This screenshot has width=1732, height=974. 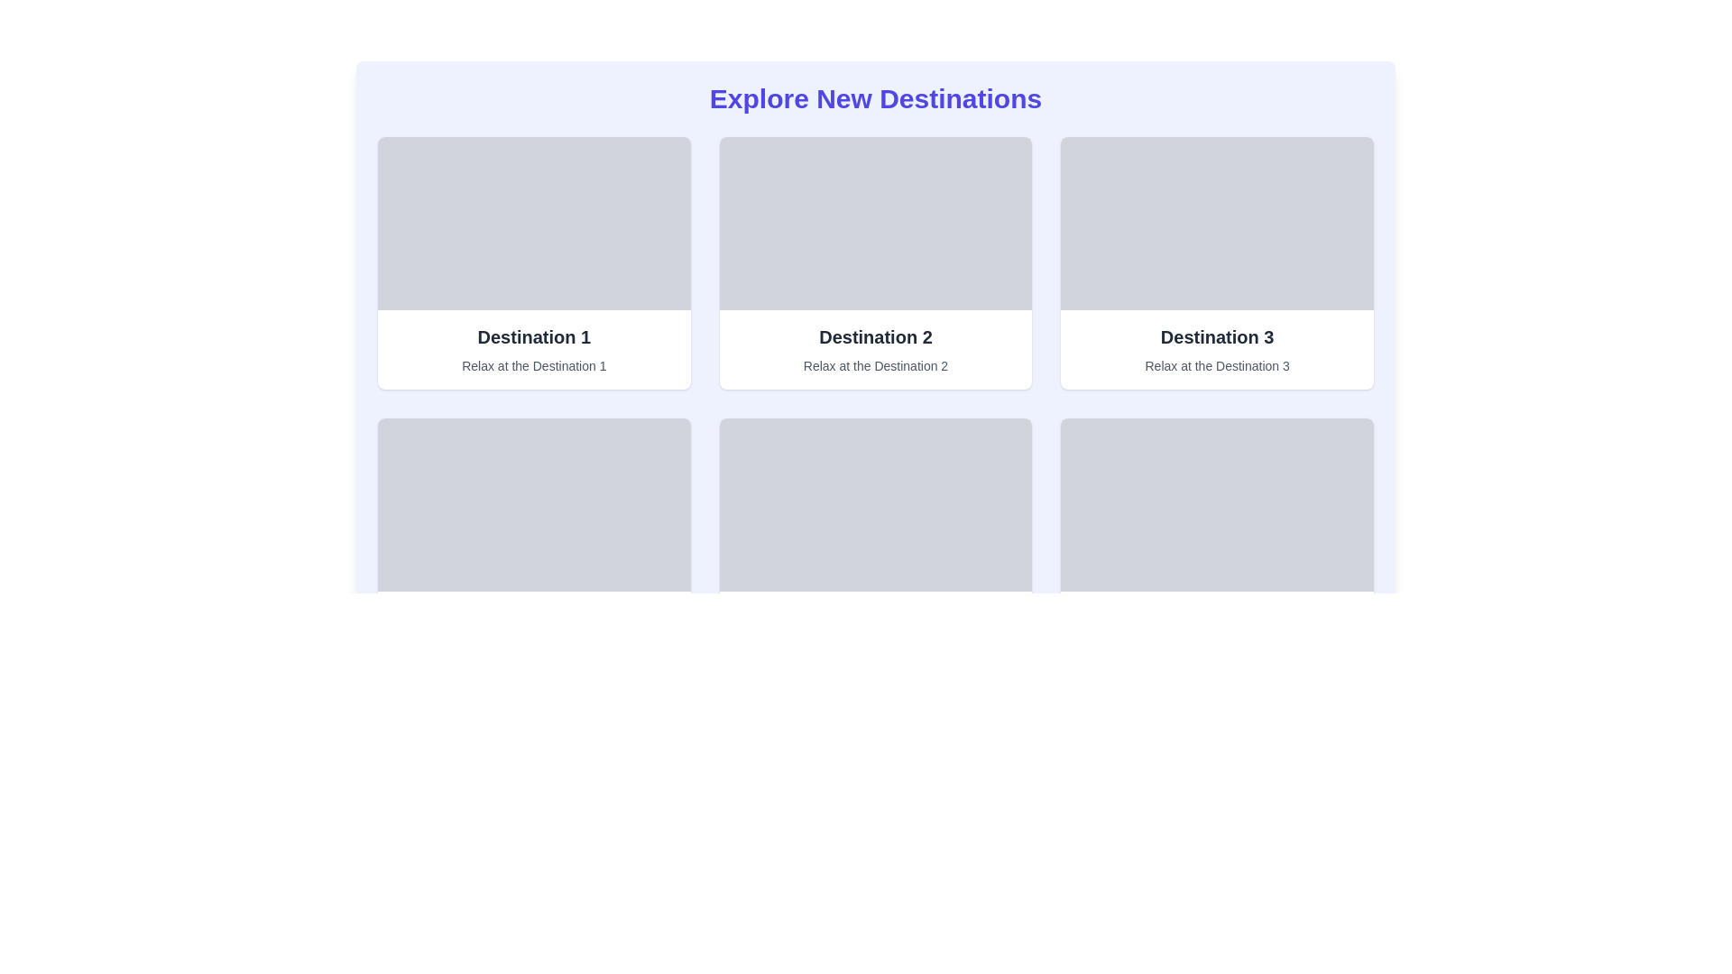 What do you see at coordinates (1217, 365) in the screenshot?
I see `the text label stating 'Relax at the Destination 3', which is styled with a small text size and gray color, located directly below the title 'Destination 3' in the third column of the grid layout` at bounding box center [1217, 365].